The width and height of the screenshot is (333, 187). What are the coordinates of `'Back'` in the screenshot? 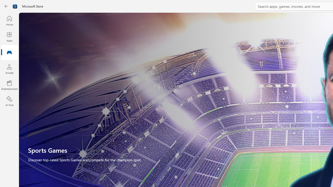 It's located at (6, 6).